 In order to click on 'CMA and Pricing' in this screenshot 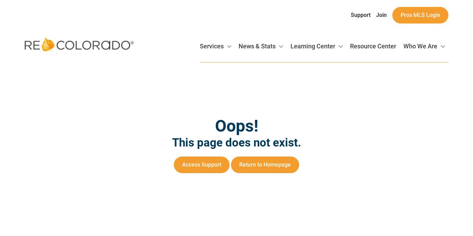, I will do `click(396, 171)`.